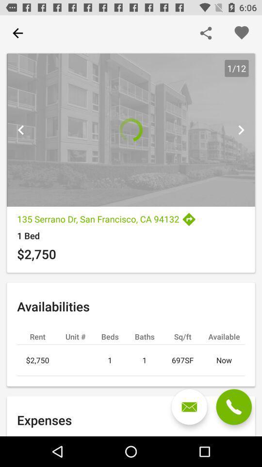  I want to click on click liked, so click(241, 33).